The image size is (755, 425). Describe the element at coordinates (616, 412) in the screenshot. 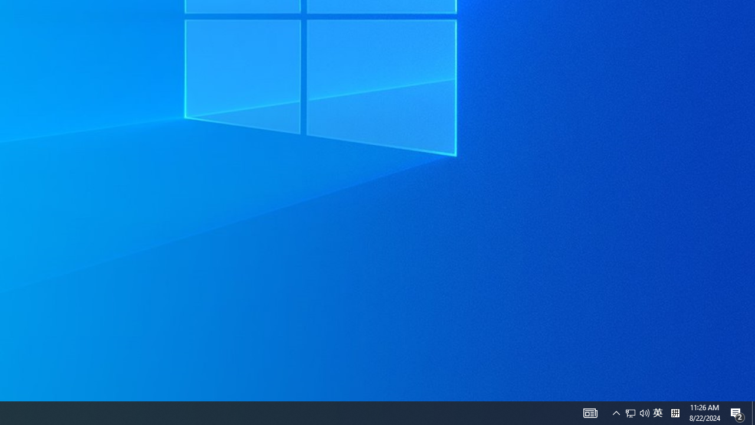

I see `'AutomationID: 4105'` at that location.